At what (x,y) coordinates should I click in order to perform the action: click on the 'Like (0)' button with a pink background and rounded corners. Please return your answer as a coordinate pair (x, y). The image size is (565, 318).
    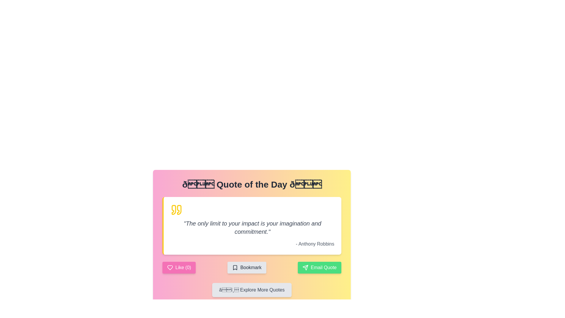
    Looking at the image, I should click on (179, 268).